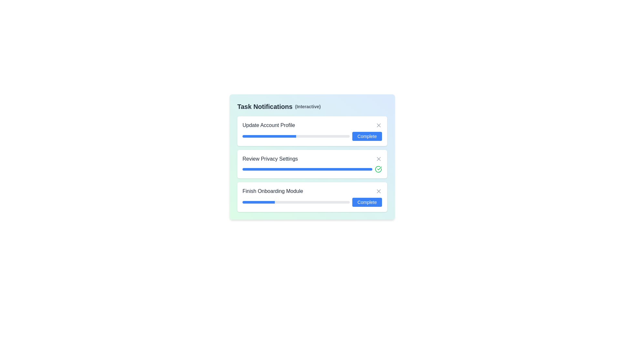 The height and width of the screenshot is (349, 620). What do you see at coordinates (367, 202) in the screenshot?
I see `'Complete' button for the task titled 'Finish Onboarding Module'` at bounding box center [367, 202].